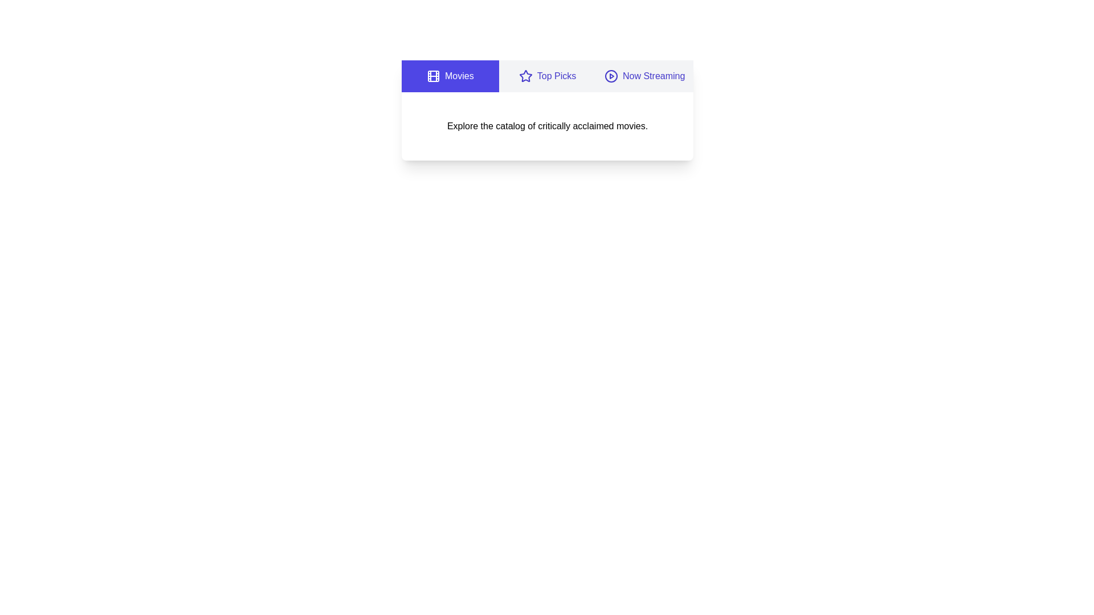 The width and height of the screenshot is (1094, 615). I want to click on the tab corresponding to Top Picks, so click(547, 76).